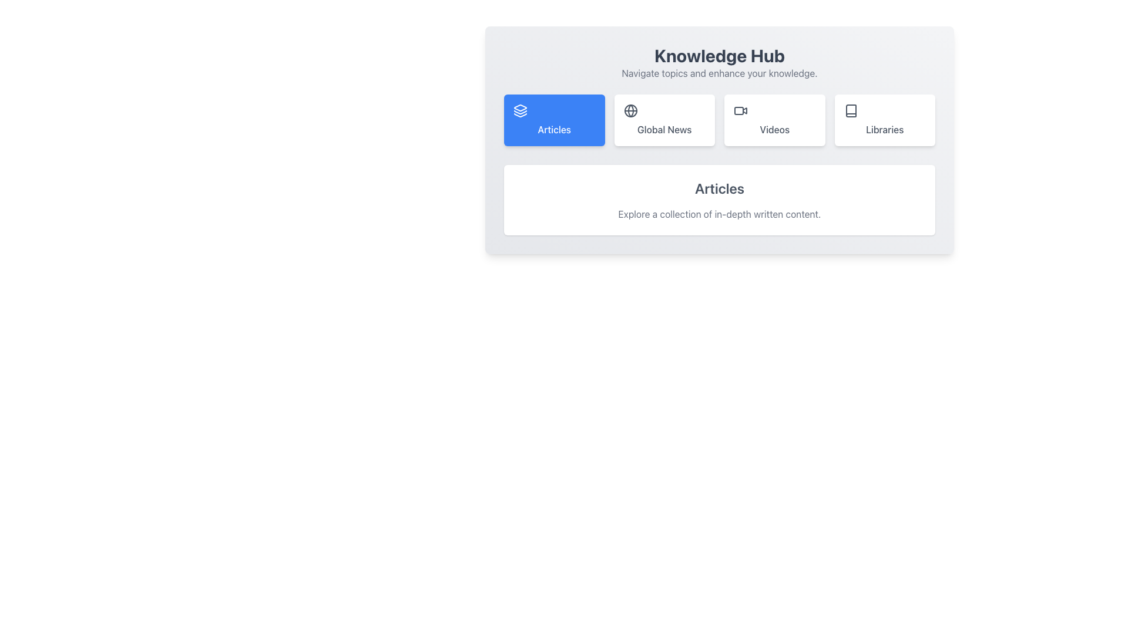 The image size is (1128, 634). I want to click on descriptive label within the 'Articles' button to understand its purpose, which is related to browsing articles, so click(553, 129).